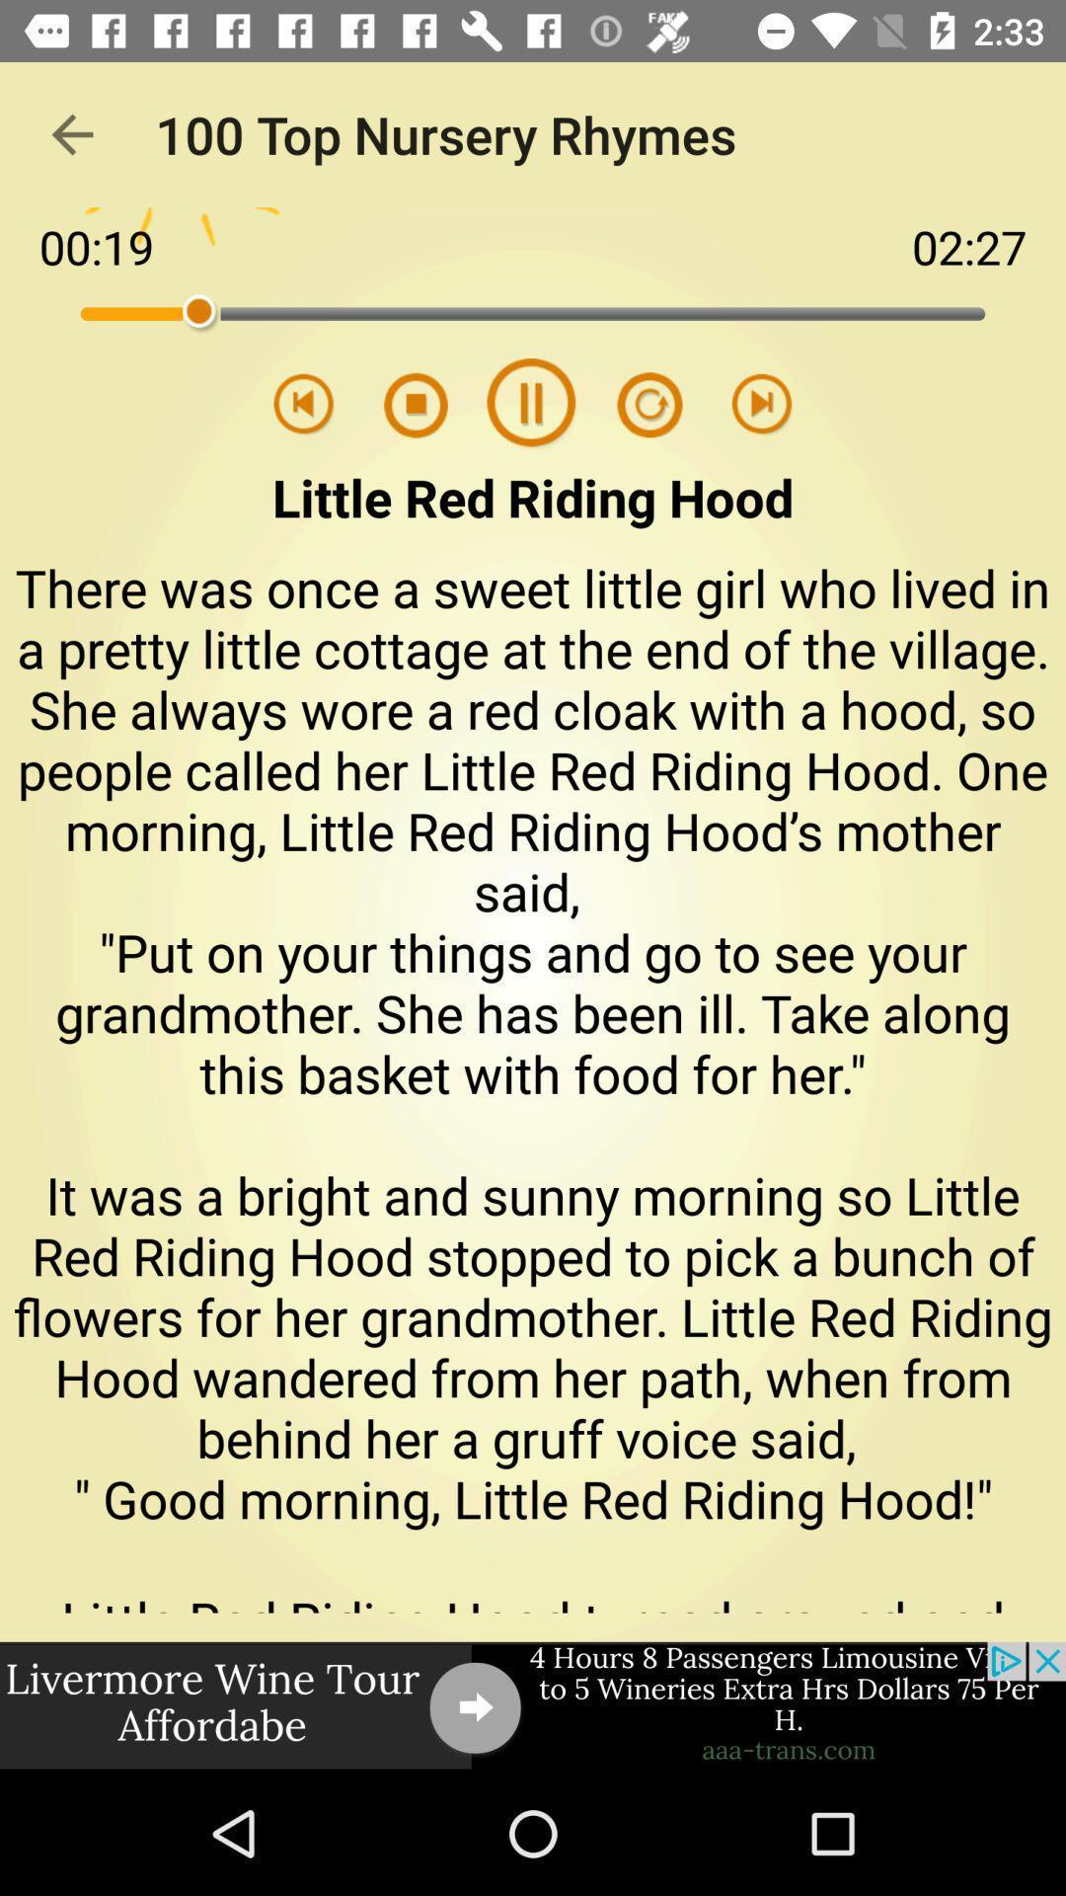  I want to click on the pause icon, so click(531, 404).